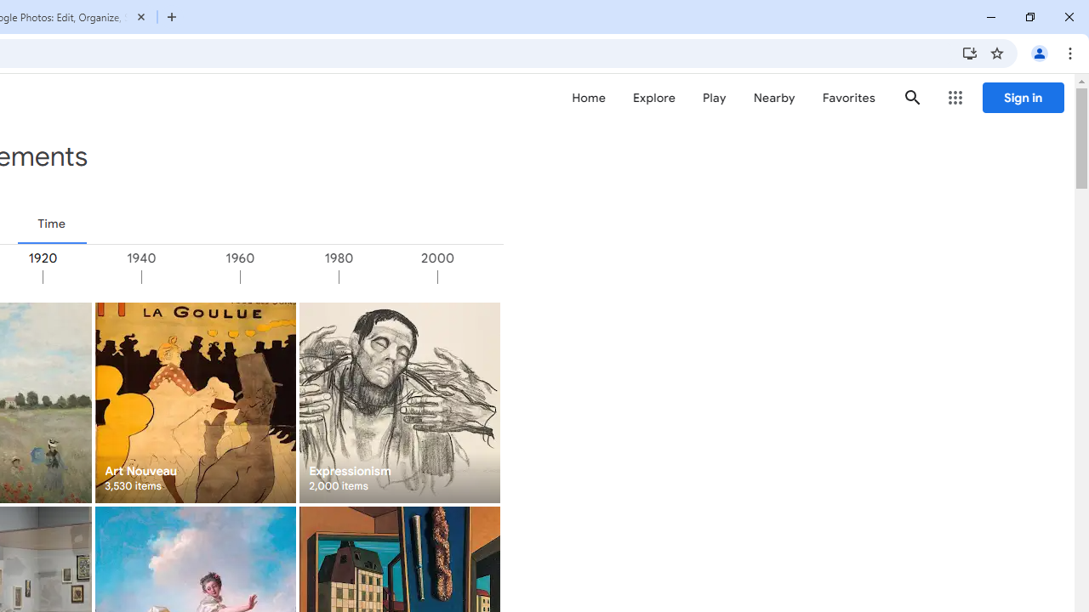  What do you see at coordinates (288, 276) in the screenshot?
I see `'1960'` at bounding box center [288, 276].